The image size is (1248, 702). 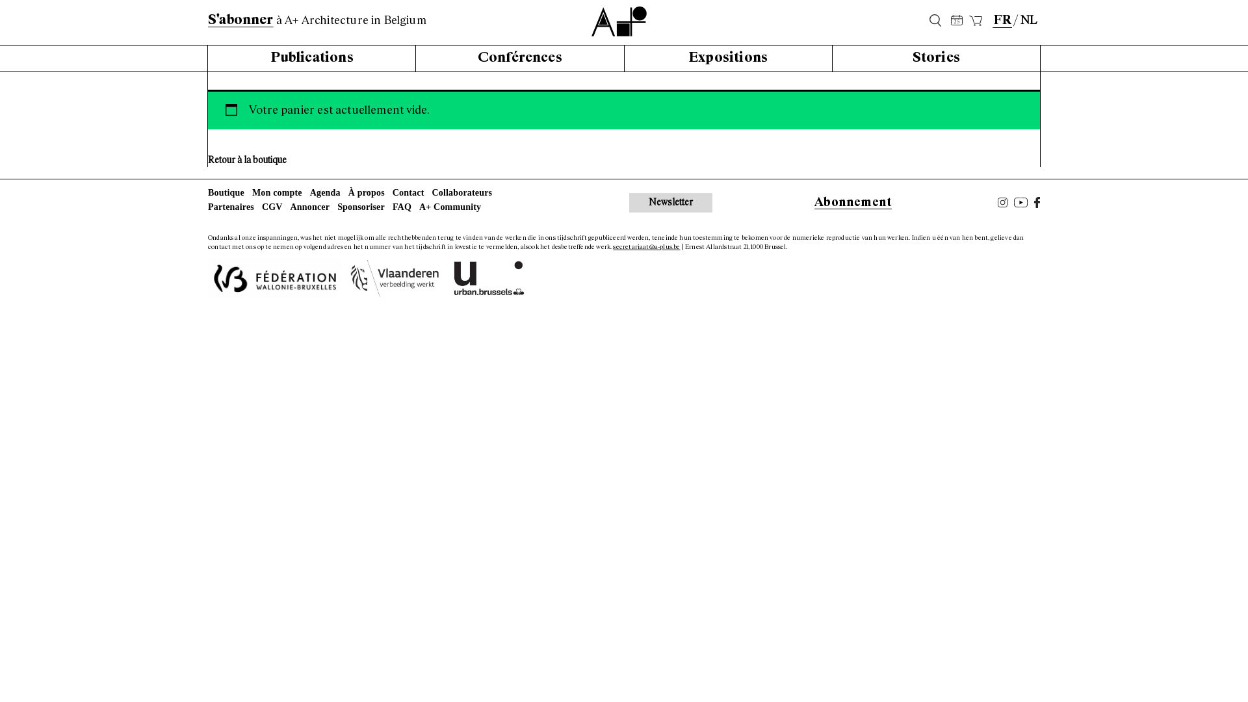 I want to click on 'Panier', so click(x=976, y=20).